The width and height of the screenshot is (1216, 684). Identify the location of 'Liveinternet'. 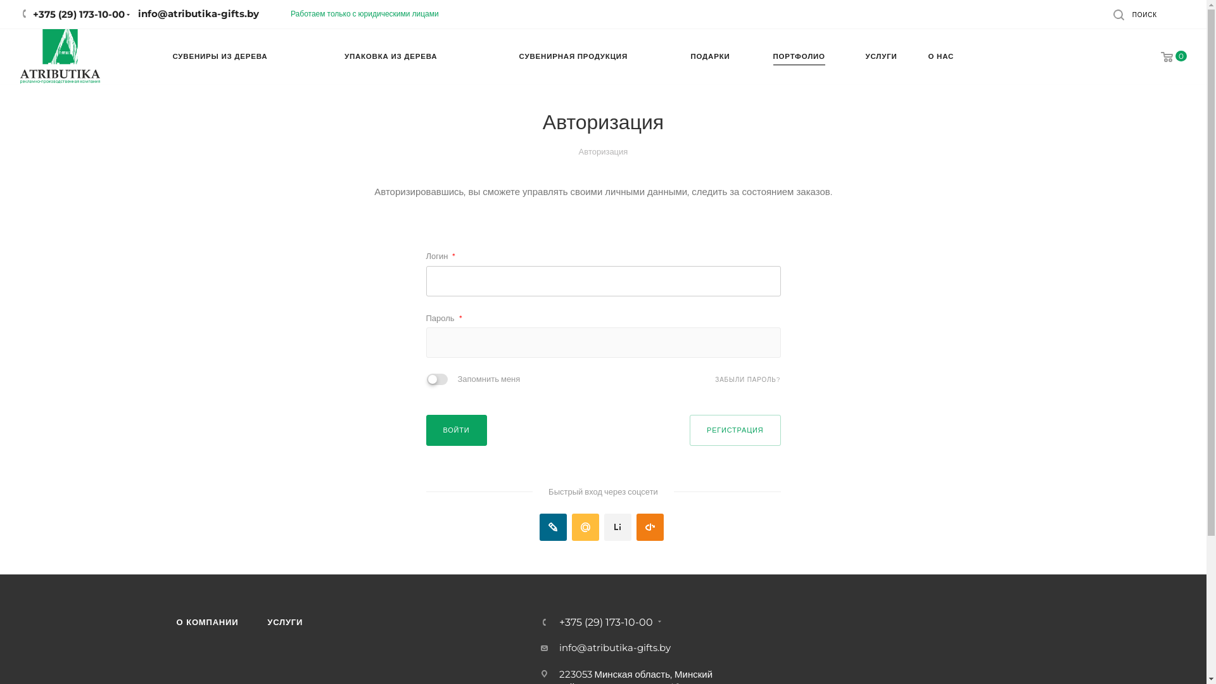
(617, 527).